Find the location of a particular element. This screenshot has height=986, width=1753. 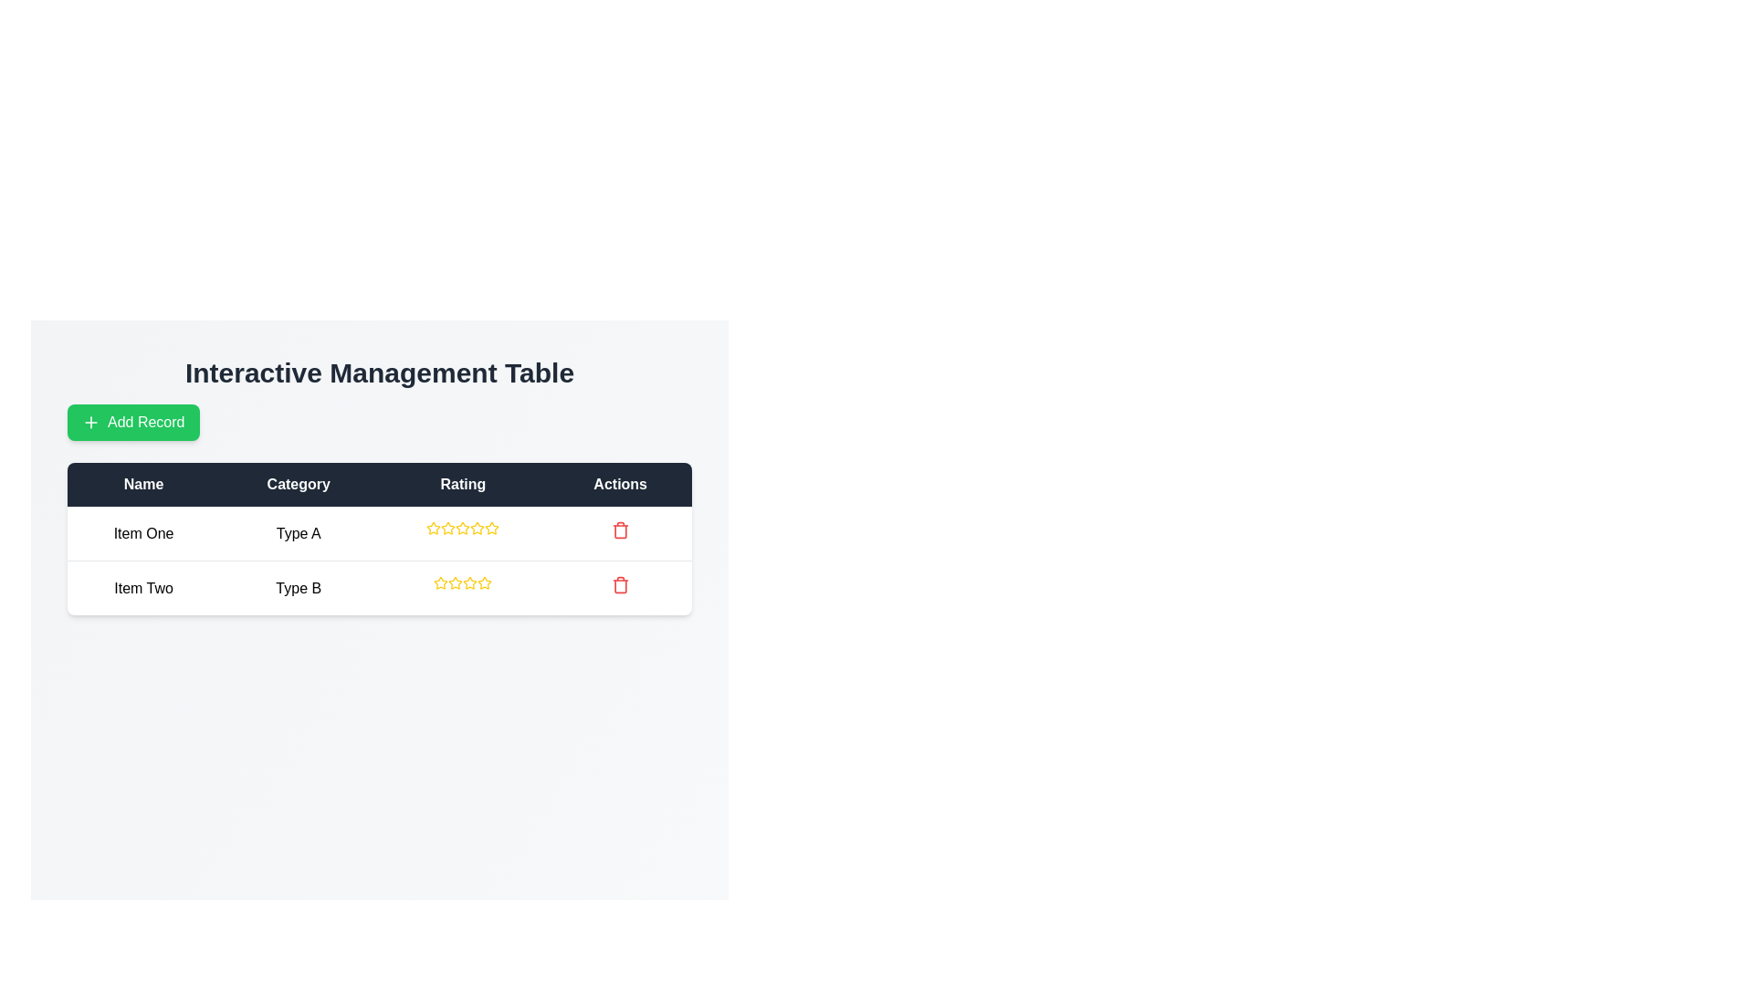

the static text element that serves as the label for the entry in the first row of the table, identifying the name or title of the item, positioned in the first column labeled 'Name' is located at coordinates (142, 533).